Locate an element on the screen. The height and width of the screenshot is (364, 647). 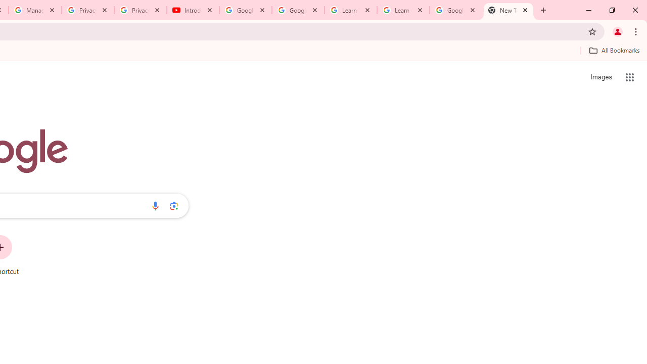
'You' is located at coordinates (617, 31).